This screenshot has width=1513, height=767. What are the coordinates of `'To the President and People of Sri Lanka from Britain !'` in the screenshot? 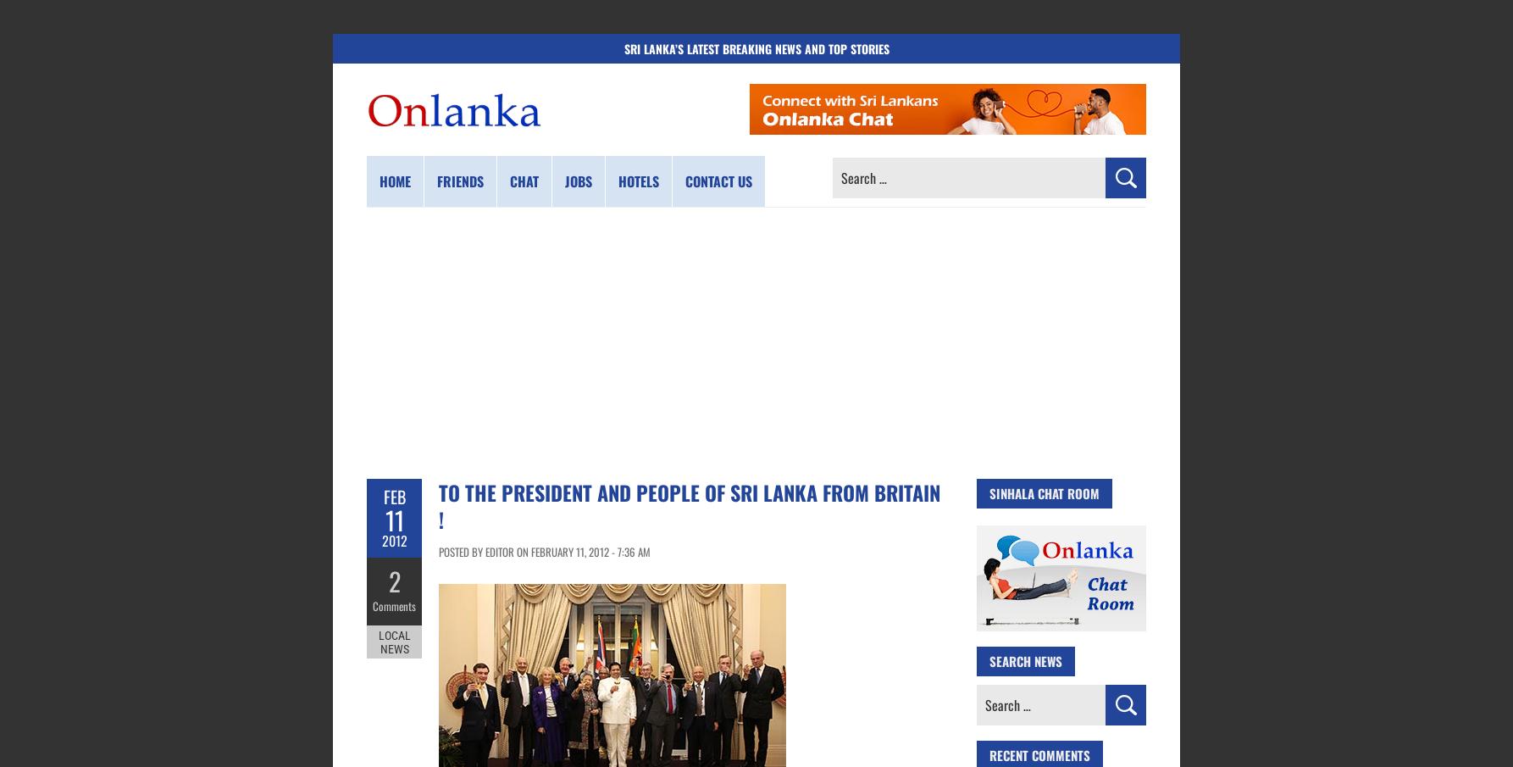 It's located at (689, 506).